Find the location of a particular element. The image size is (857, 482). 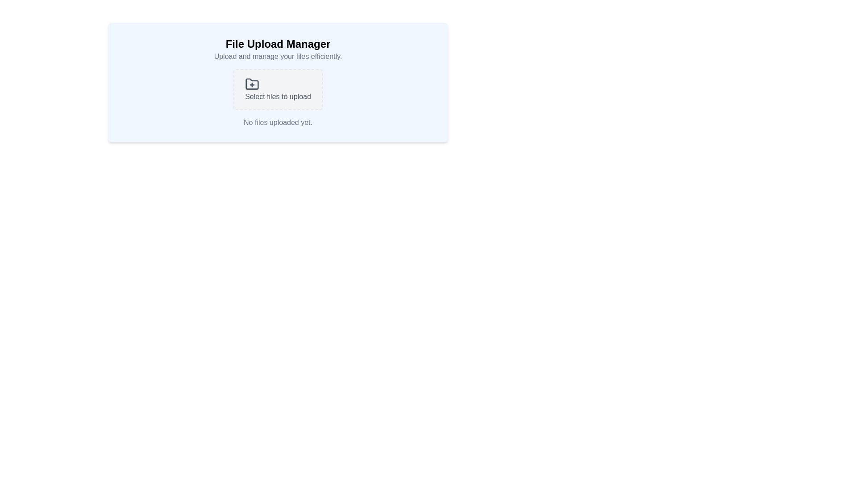

the static text label that reads 'Upload and manage your files efficiently.' which is styled in gray and positioned below the heading 'File Upload Manager' is located at coordinates (278, 57).